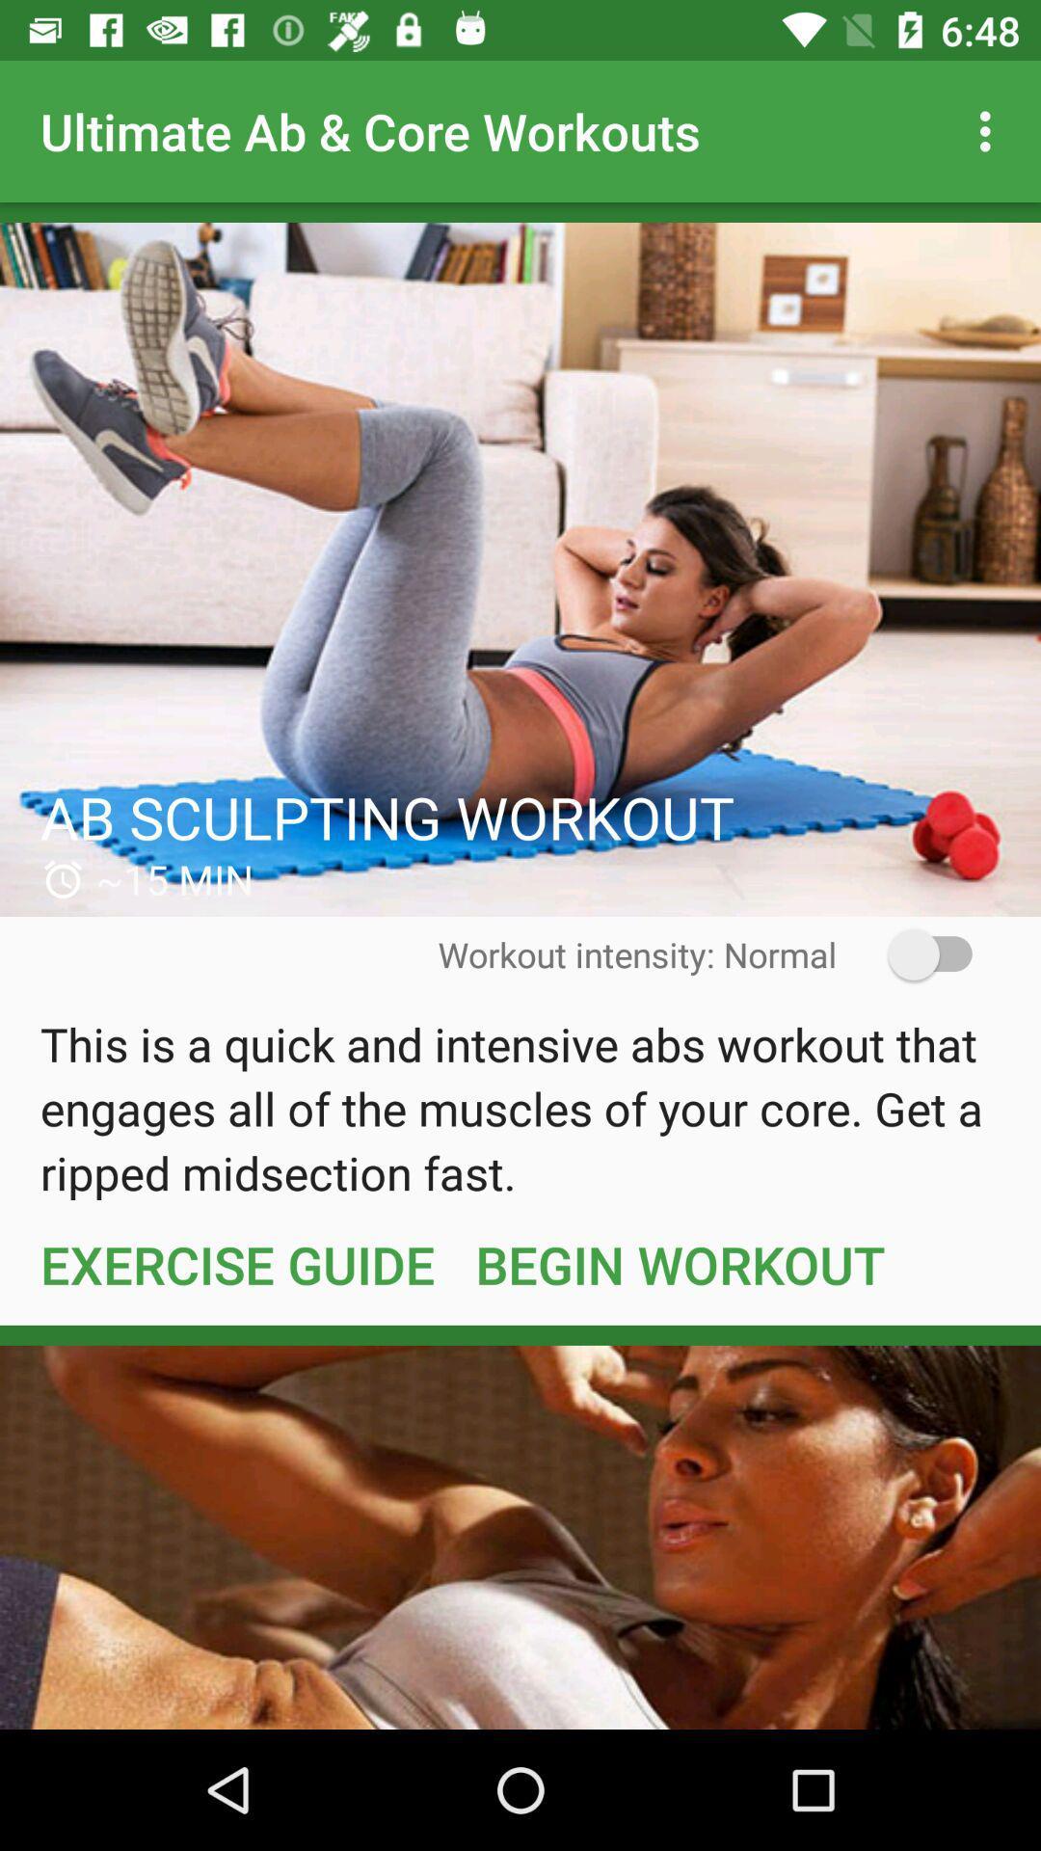 Image resolution: width=1041 pixels, height=1851 pixels. Describe the element at coordinates (236, 1264) in the screenshot. I see `the icon below this is a icon` at that location.